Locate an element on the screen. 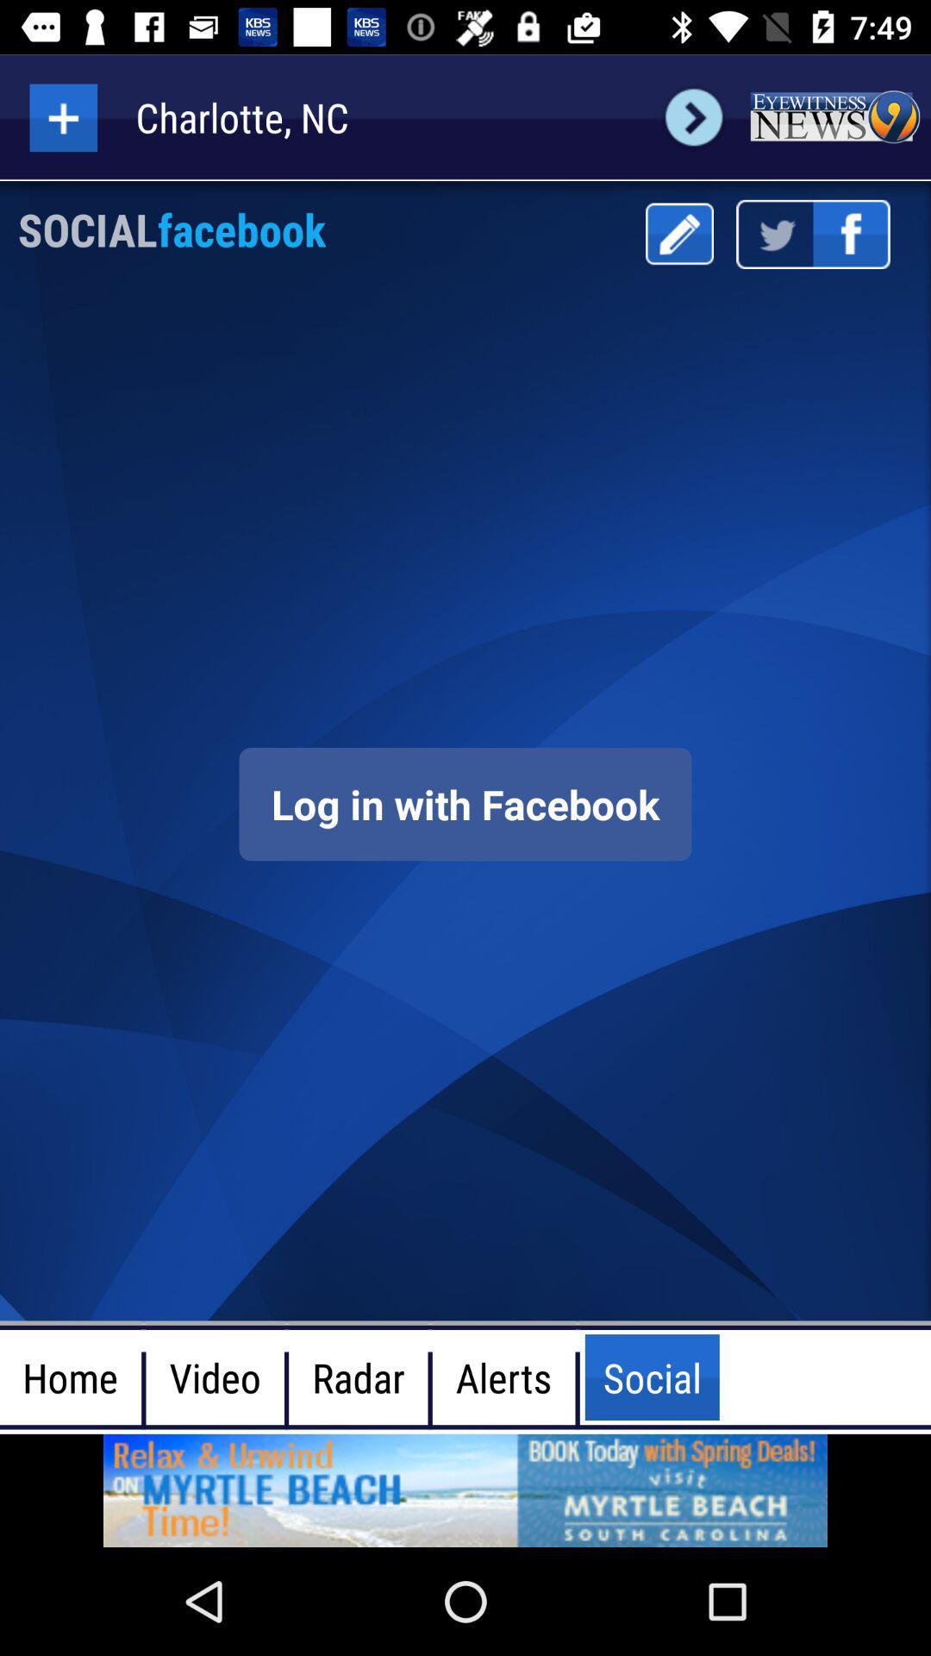 This screenshot has width=931, height=1656. open page is located at coordinates (465, 1490).